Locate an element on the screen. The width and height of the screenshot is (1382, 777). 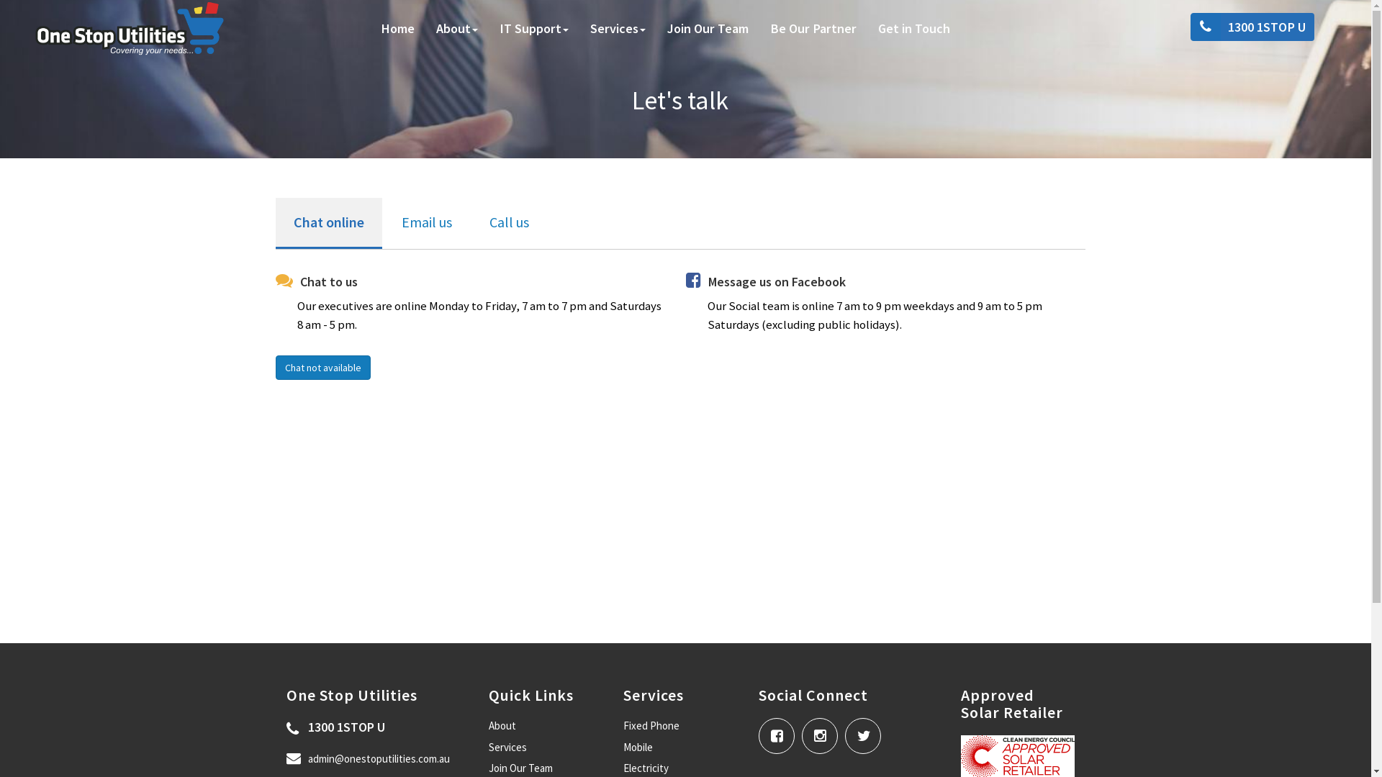
' ' is located at coordinates (845, 729).